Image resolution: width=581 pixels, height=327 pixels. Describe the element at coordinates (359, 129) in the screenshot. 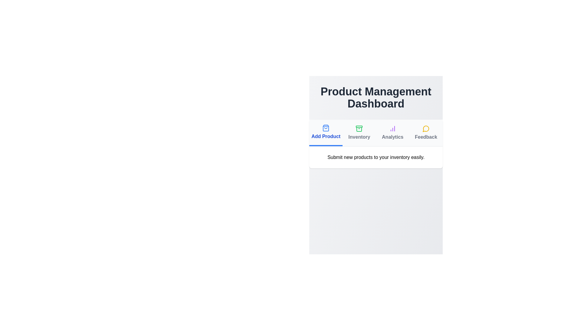

I see `the green outlined vector graphic component resembling a rectangular box with rounded corners, located within the 'Inventory' icon under 'Product Management Dashboard'` at that location.